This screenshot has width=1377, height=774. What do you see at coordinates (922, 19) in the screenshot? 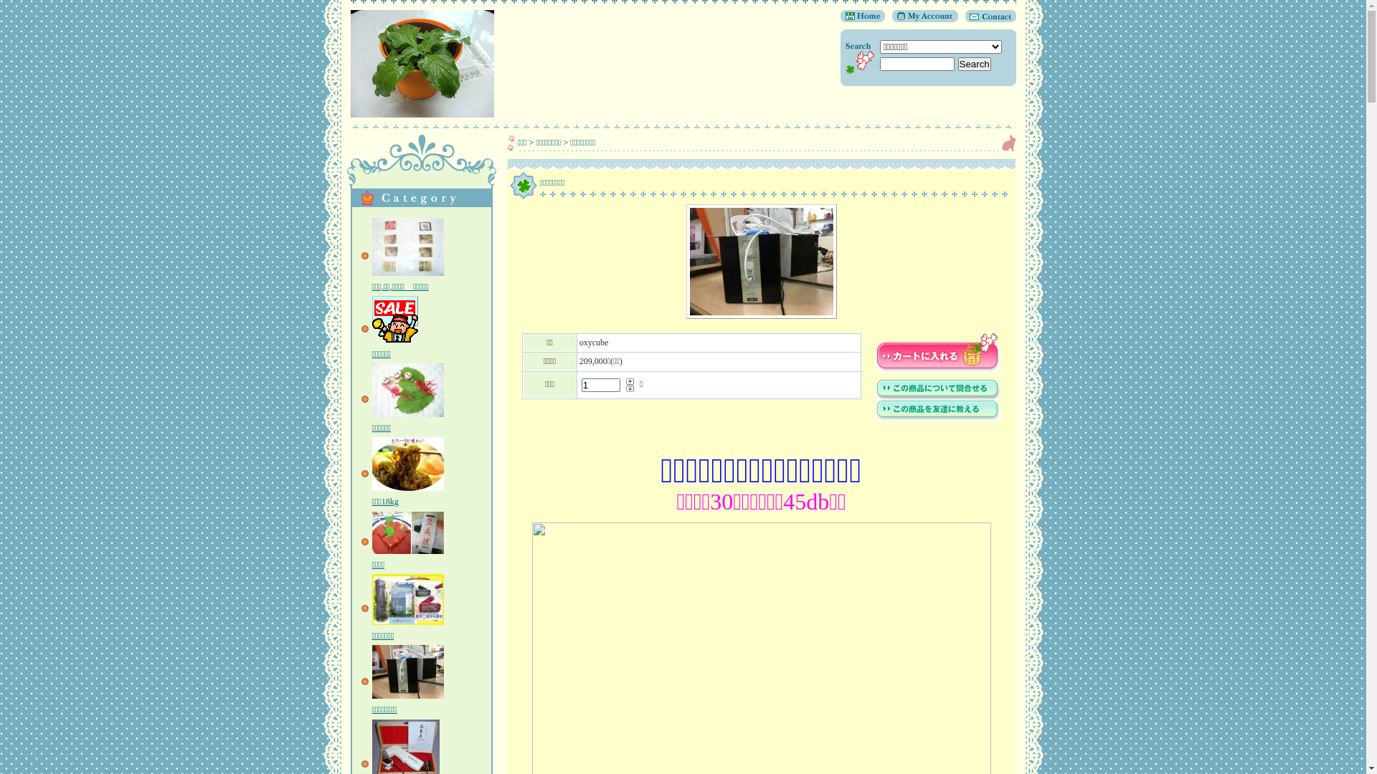
I see `'My Account'` at bounding box center [922, 19].